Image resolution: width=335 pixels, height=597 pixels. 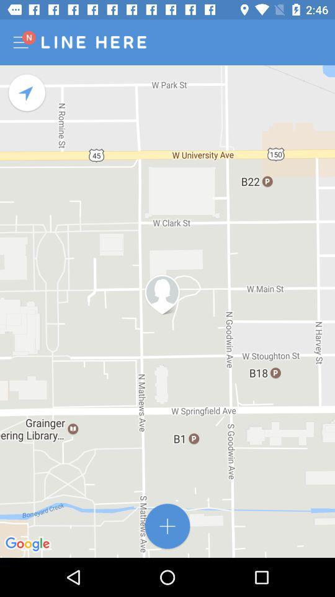 What do you see at coordinates (167, 526) in the screenshot?
I see `the add icon` at bounding box center [167, 526].